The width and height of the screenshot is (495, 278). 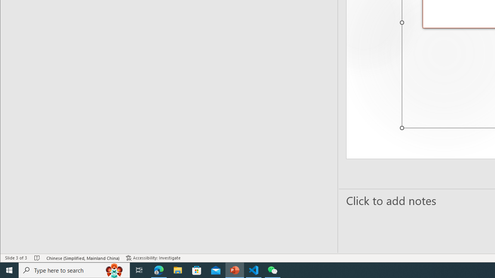 I want to click on 'File Explorer', so click(x=178, y=270).